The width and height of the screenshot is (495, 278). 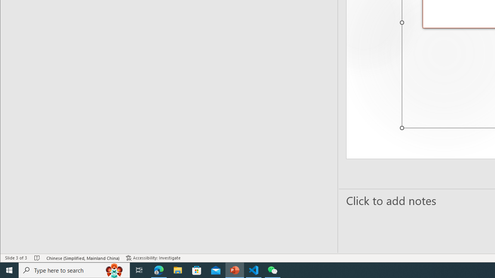 I want to click on 'File Explorer', so click(x=178, y=270).